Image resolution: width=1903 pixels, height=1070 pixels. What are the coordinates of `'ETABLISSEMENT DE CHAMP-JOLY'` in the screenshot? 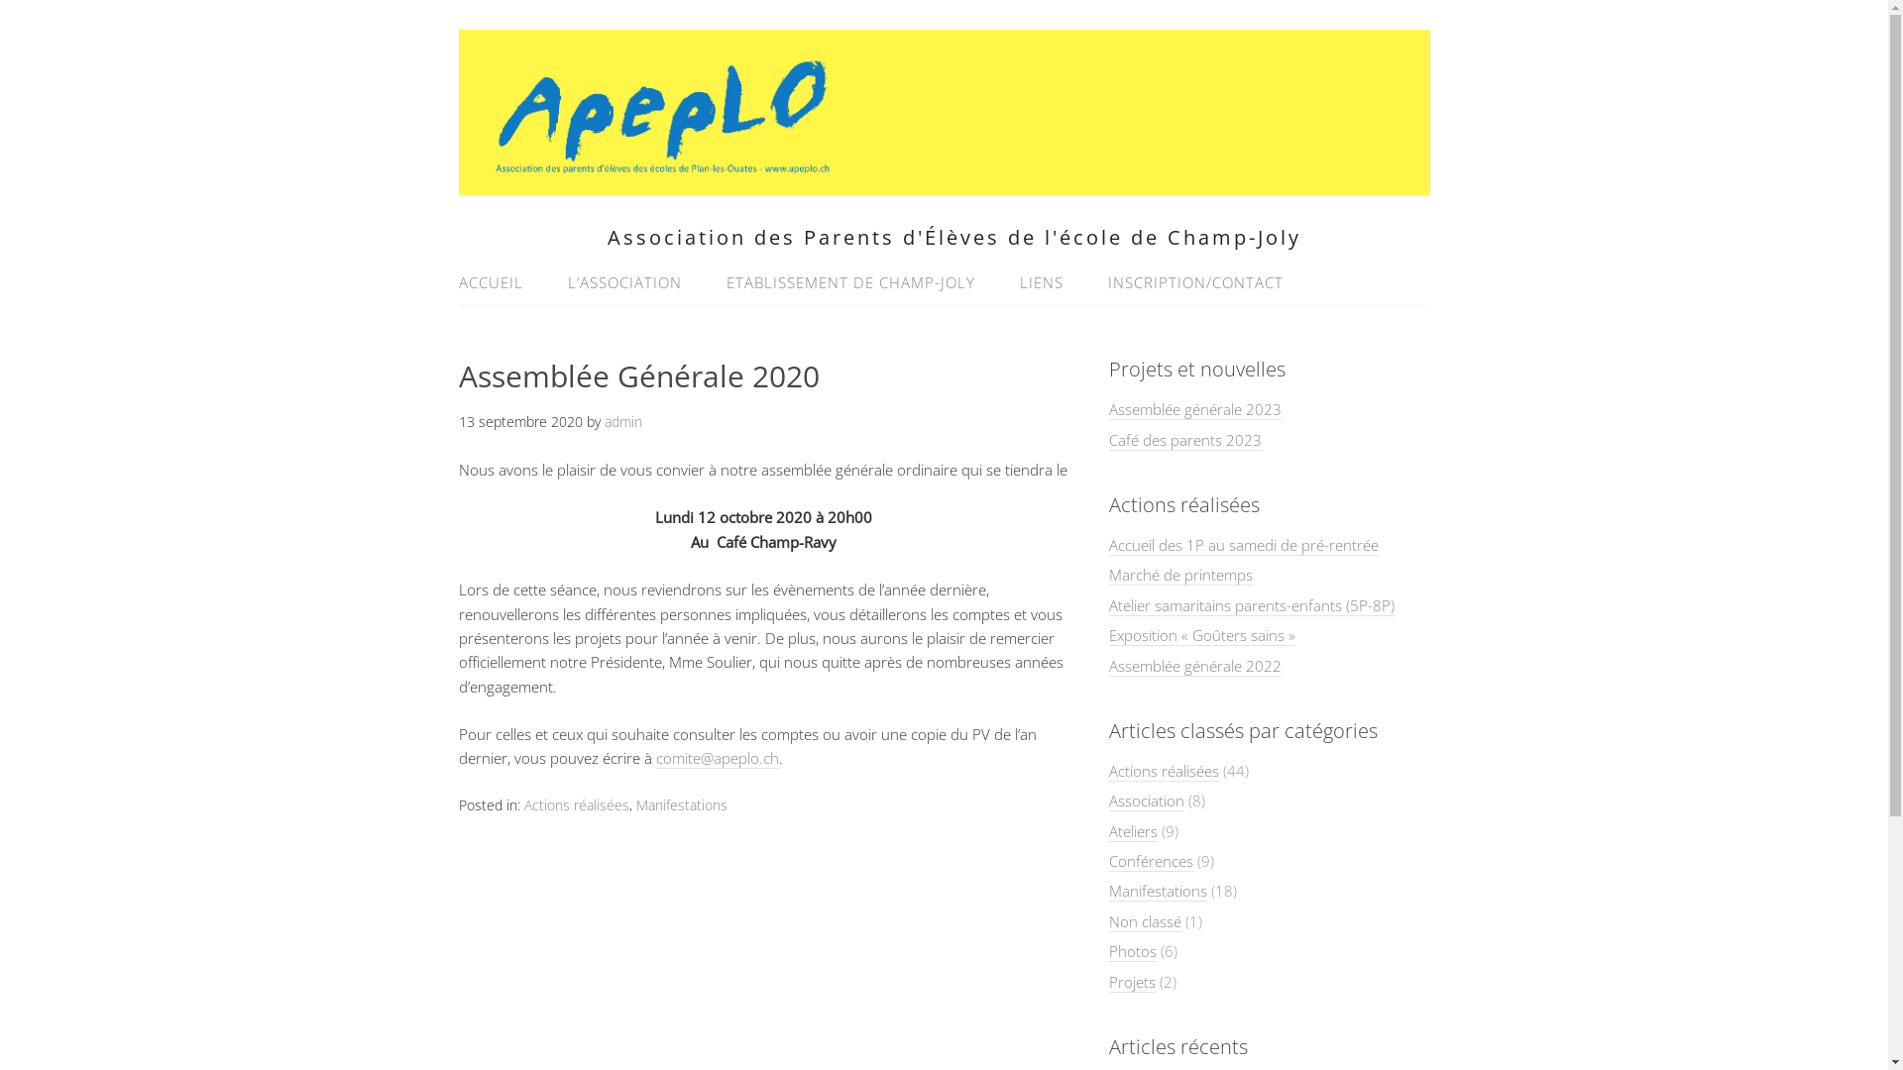 It's located at (849, 282).